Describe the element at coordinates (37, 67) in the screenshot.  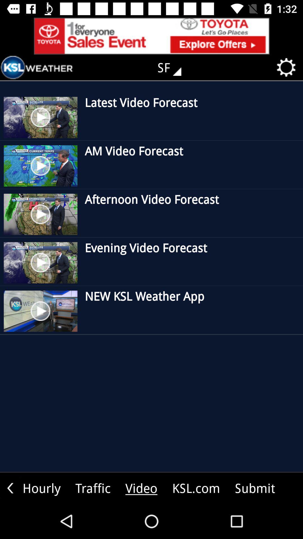
I see `go back` at that location.